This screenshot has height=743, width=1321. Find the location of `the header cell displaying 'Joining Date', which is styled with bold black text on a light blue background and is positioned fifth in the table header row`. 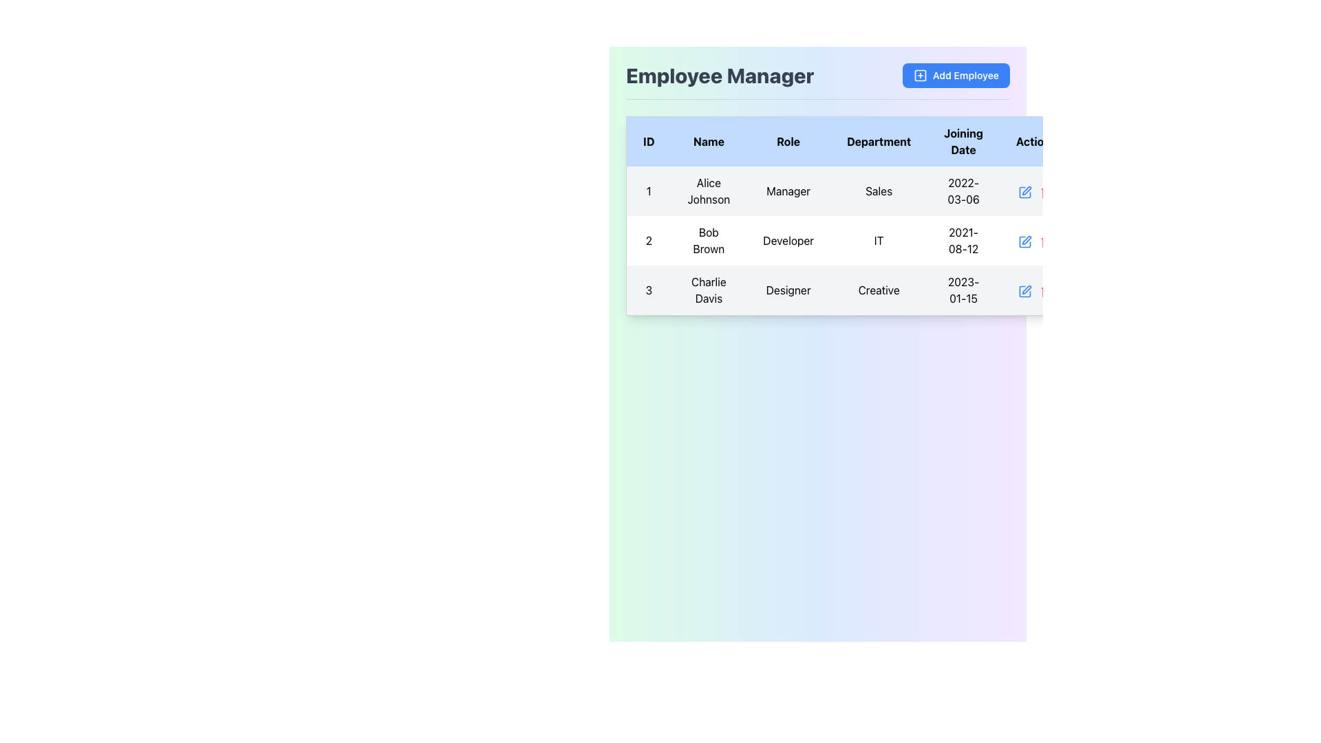

the header cell displaying 'Joining Date', which is styled with bold black text on a light blue background and is positioned fifth in the table header row is located at coordinates (963, 141).